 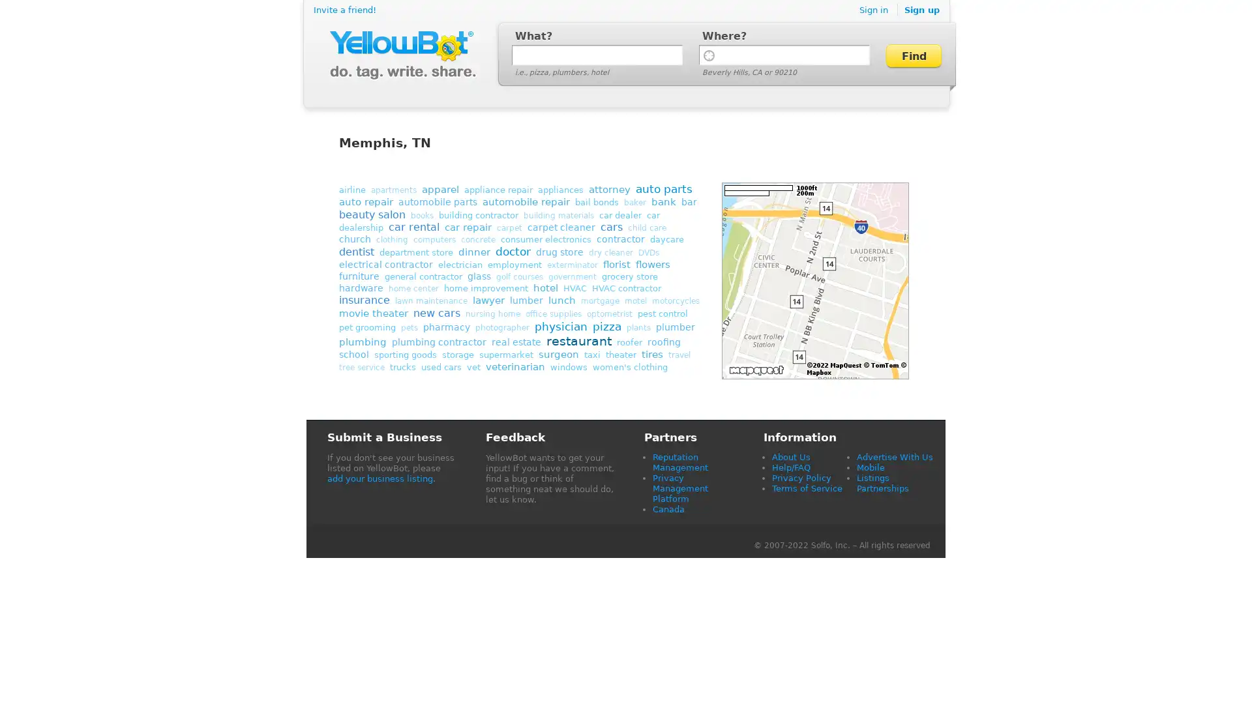 What do you see at coordinates (913, 55) in the screenshot?
I see `Find` at bounding box center [913, 55].